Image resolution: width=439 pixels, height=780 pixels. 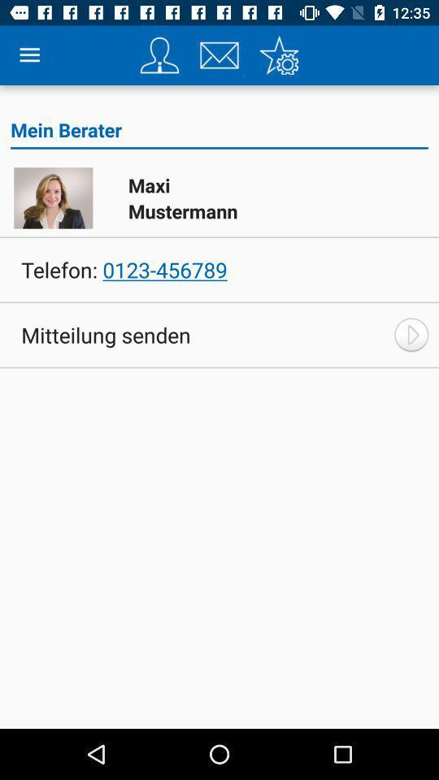 I want to click on telefon: 0123-456789 icon, so click(x=123, y=270).